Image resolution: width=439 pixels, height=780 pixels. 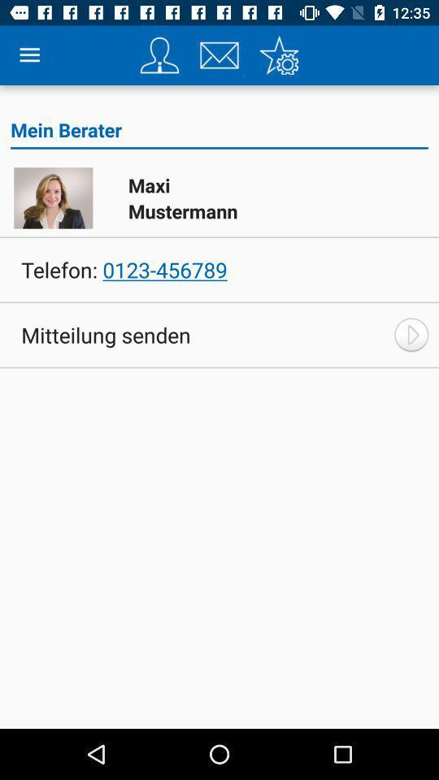 I want to click on telefon: 0123-456789 icon, so click(x=123, y=270).